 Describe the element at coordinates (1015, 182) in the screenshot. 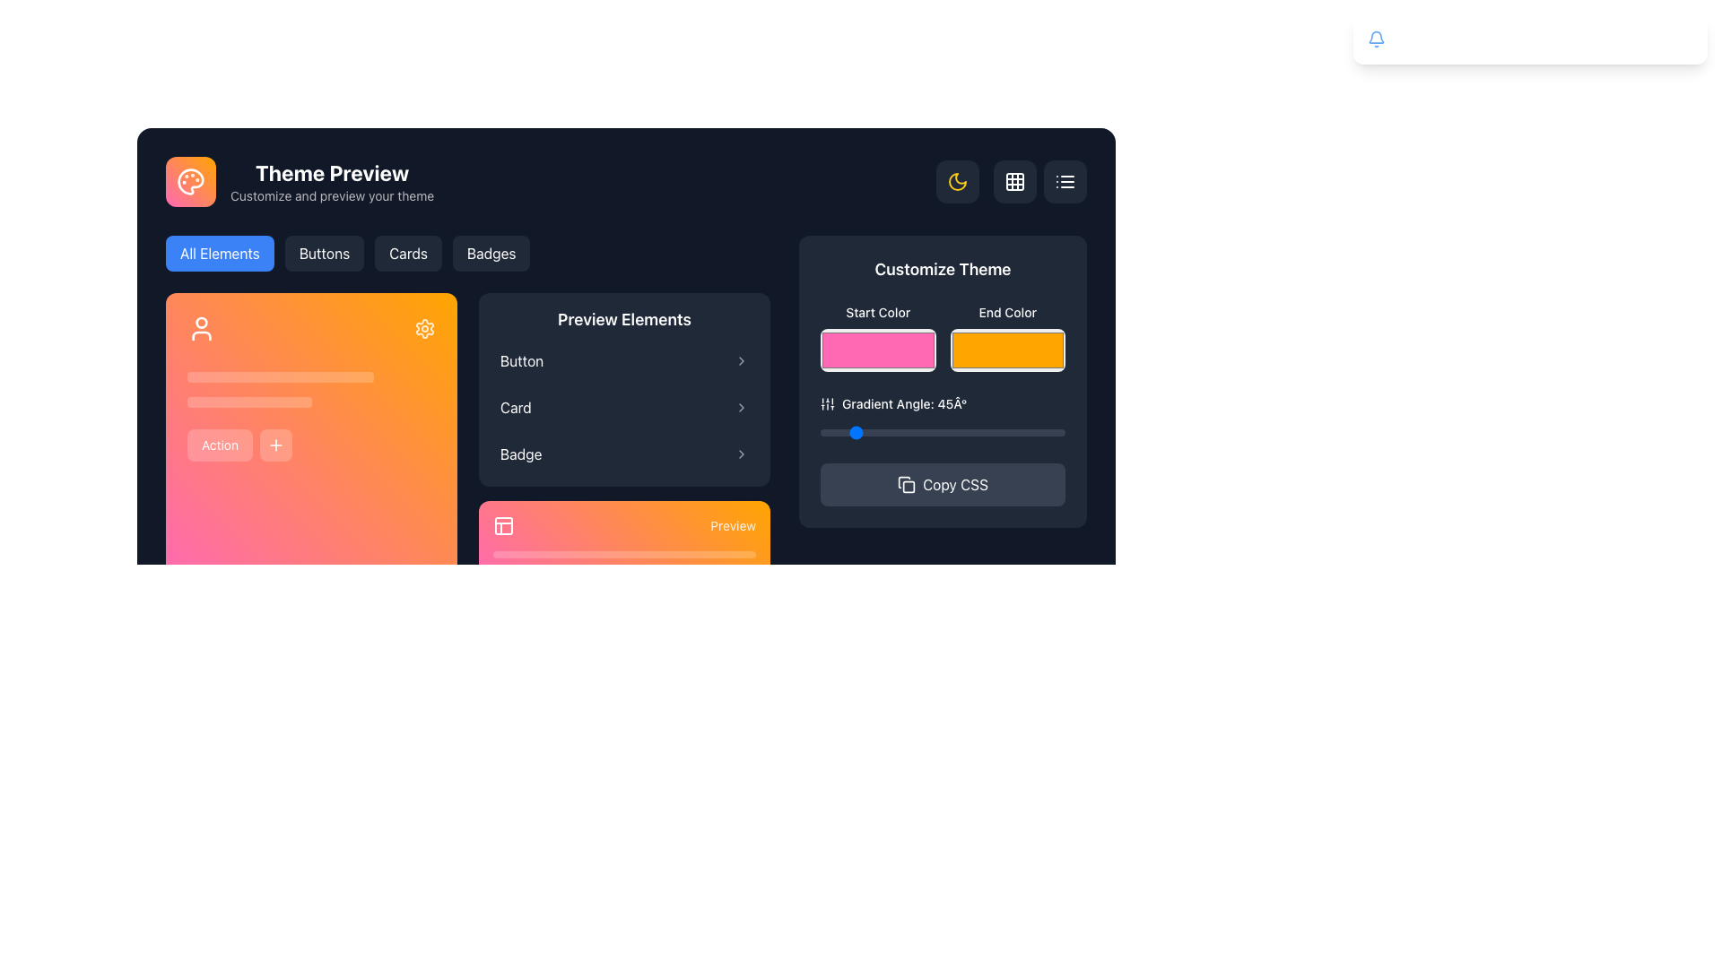

I see `the square button with a grid icon made up of nine small squares, located in the top-right corner of the interface` at that location.